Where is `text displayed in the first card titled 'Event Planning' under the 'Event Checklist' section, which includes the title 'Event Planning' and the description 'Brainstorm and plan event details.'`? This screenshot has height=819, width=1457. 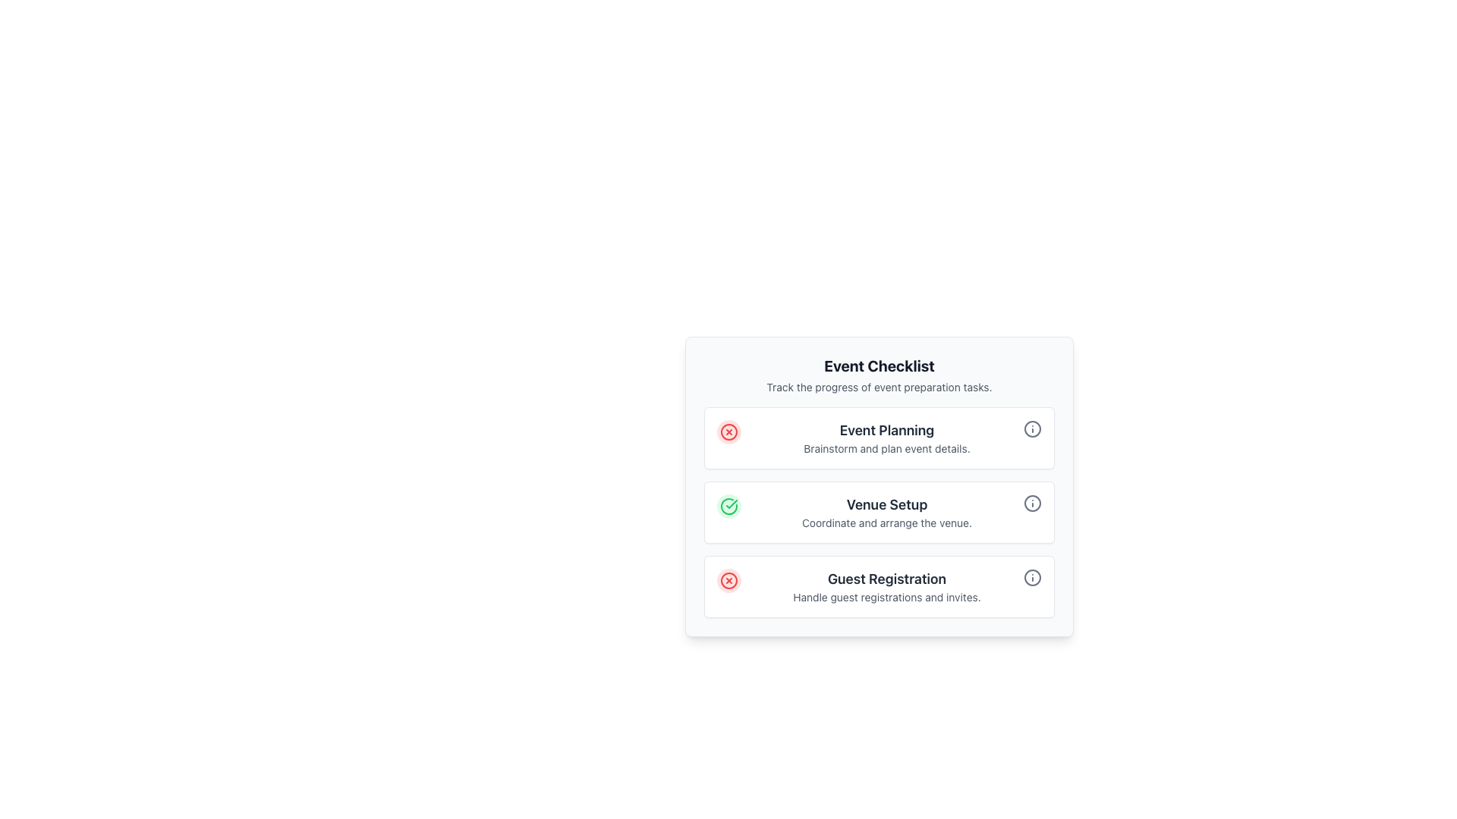
text displayed in the first card titled 'Event Planning' under the 'Event Checklist' section, which includes the title 'Event Planning' and the description 'Brainstorm and plan event details.' is located at coordinates (887, 438).